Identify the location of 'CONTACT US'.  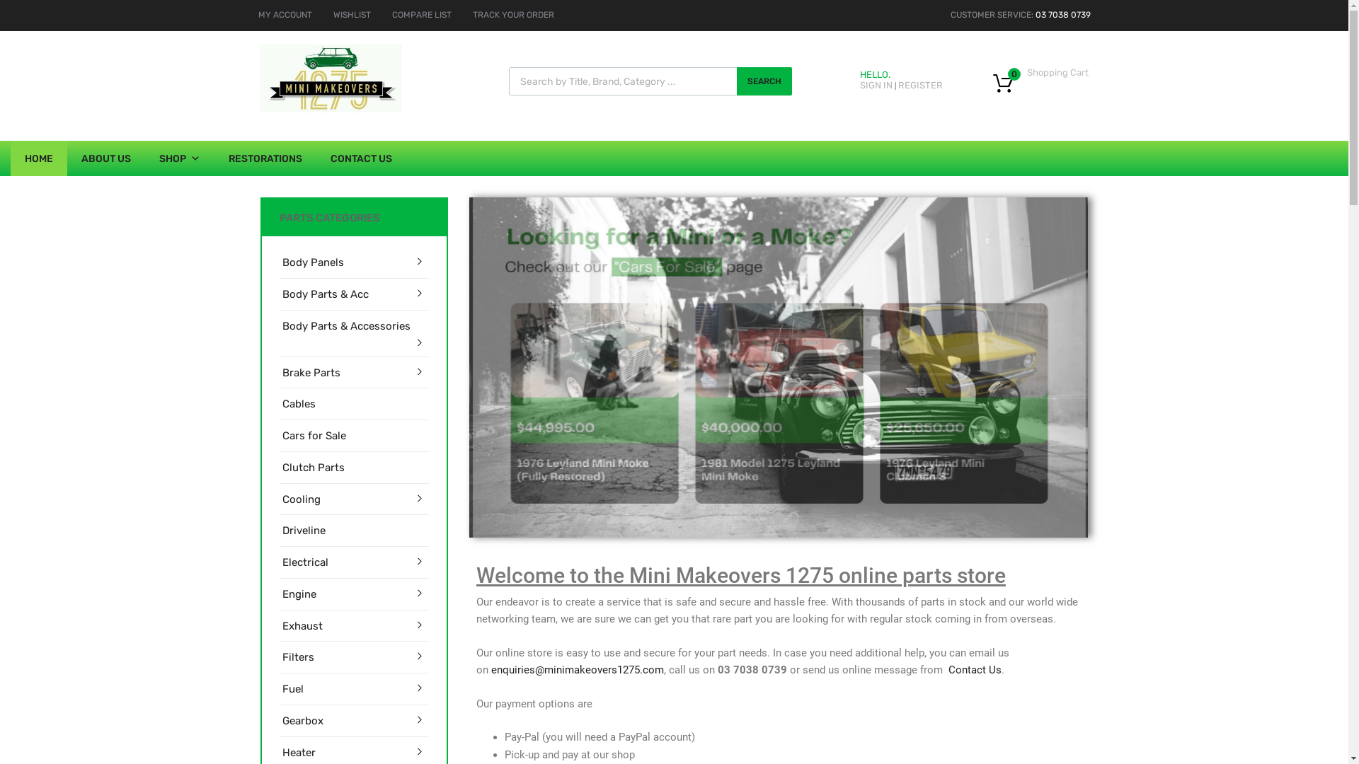
(361, 158).